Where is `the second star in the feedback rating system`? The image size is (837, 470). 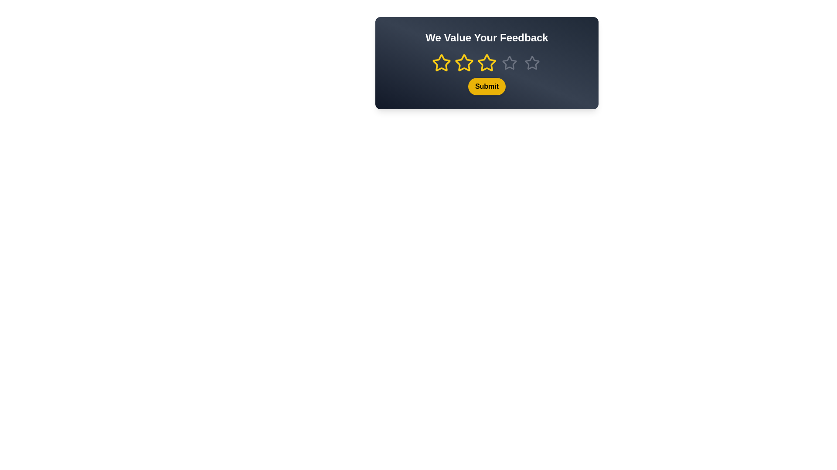
the second star in the feedback rating system is located at coordinates (487, 63).